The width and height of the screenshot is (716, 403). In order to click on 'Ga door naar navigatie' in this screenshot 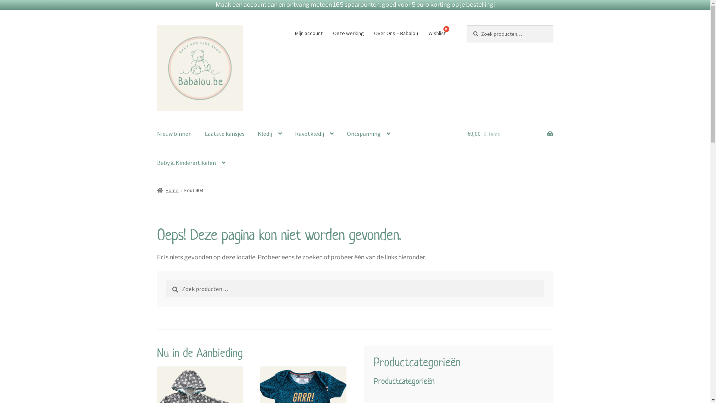, I will do `click(156, 25)`.